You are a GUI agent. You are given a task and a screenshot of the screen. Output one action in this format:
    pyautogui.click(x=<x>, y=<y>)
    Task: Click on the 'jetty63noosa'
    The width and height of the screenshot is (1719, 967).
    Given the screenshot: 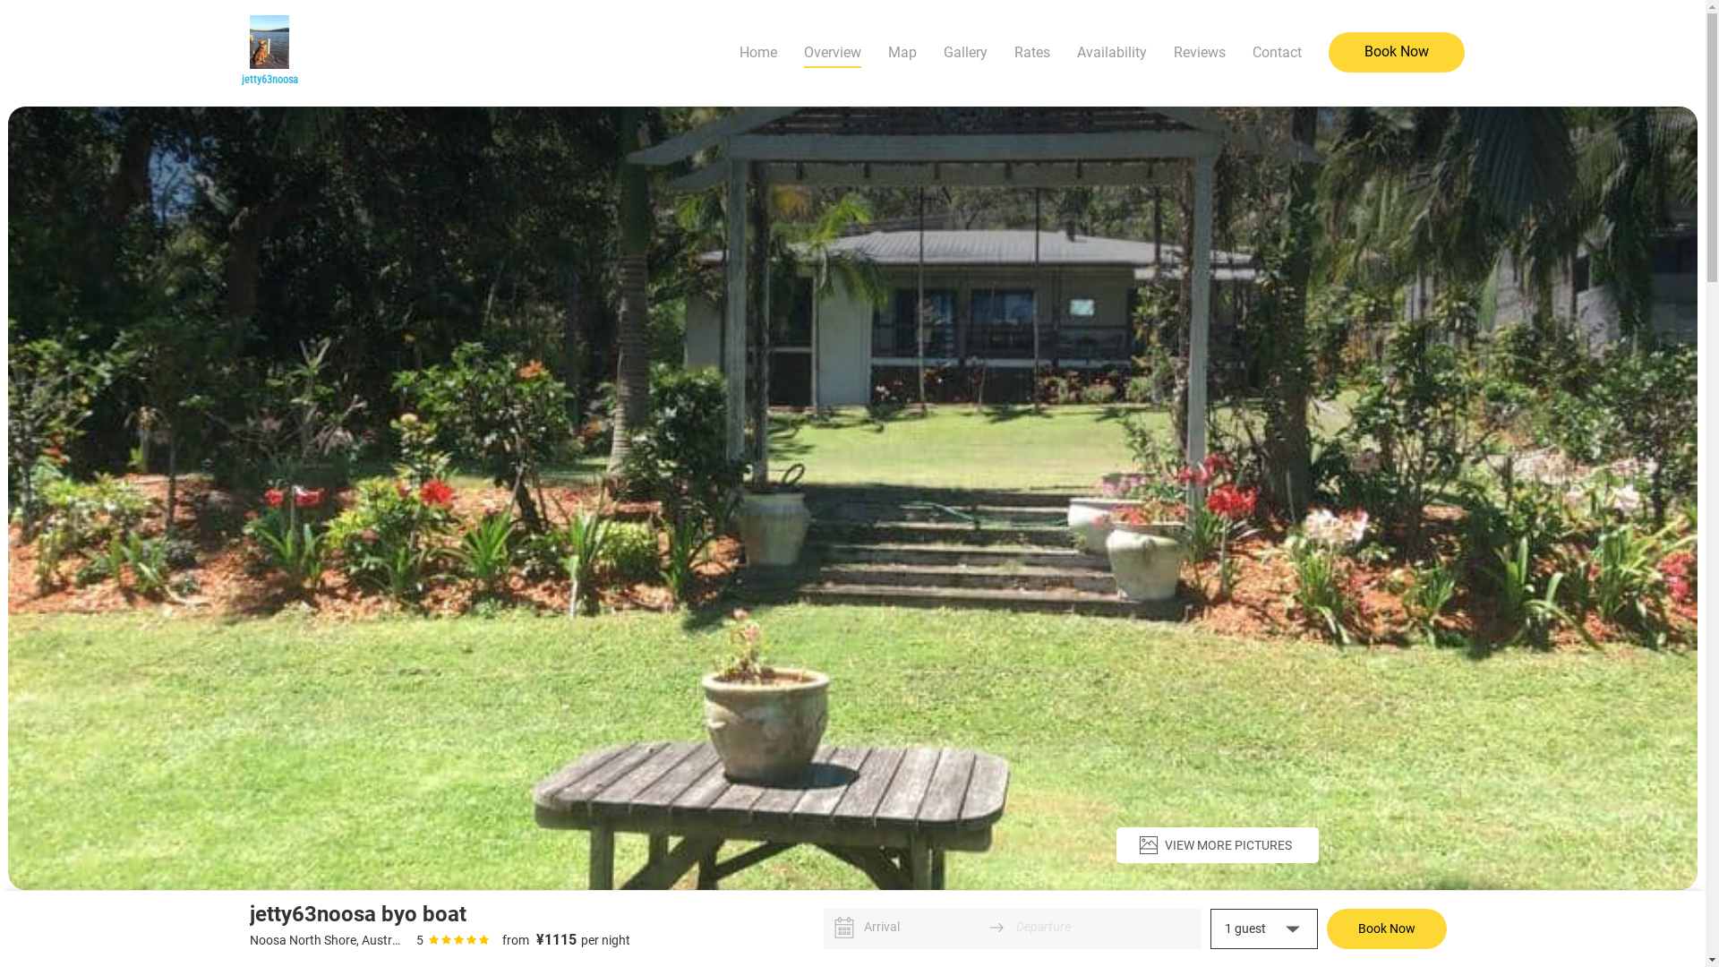 What is the action you would take?
    pyautogui.click(x=269, y=51)
    